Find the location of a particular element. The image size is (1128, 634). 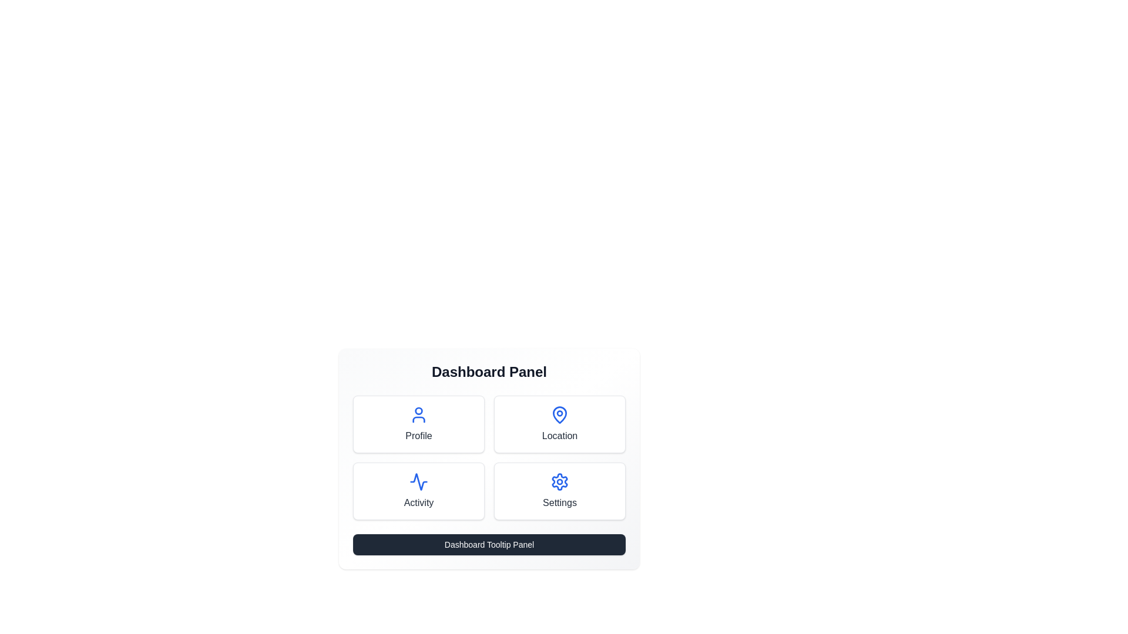

the location button, which is a rectangular card with a white background and a blue map pin icon, located in the top-right corner of the grid in the Dashboard Panel interface is located at coordinates (559, 424).